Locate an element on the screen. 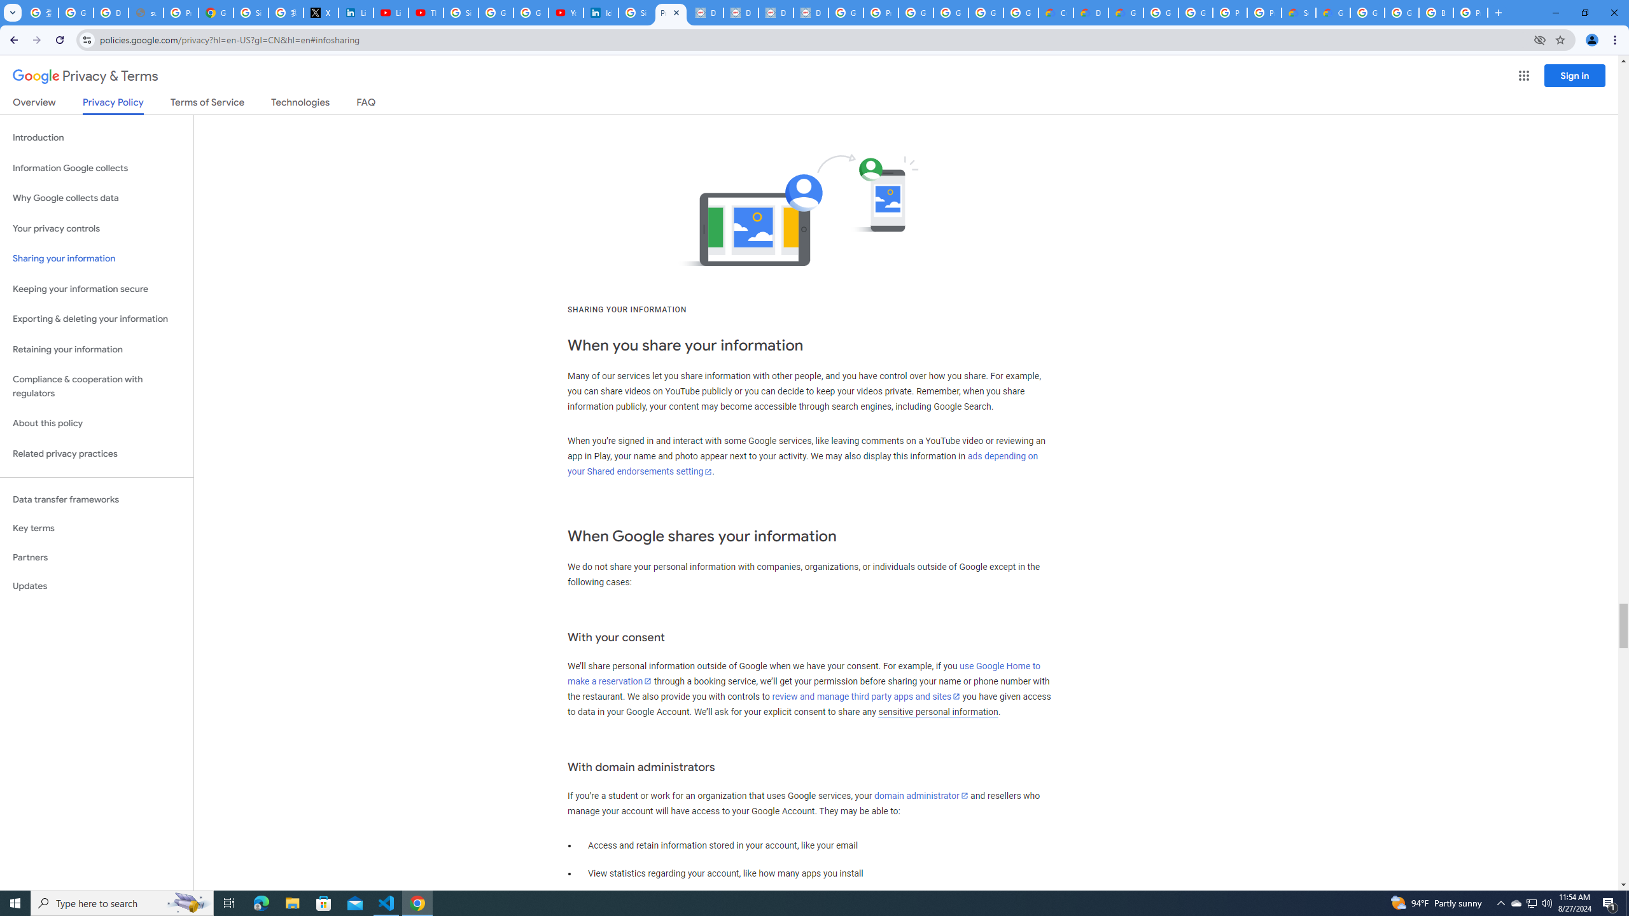 Image resolution: width=1629 pixels, height=916 pixels. 'Google Cloud Platform' is located at coordinates (1160, 12).